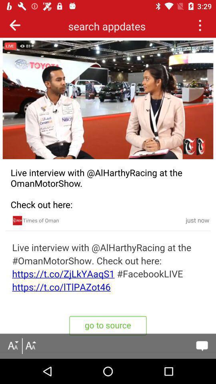 The width and height of the screenshot is (216, 384). What do you see at coordinates (199, 25) in the screenshot?
I see `the 3 vertical dots icon` at bounding box center [199, 25].